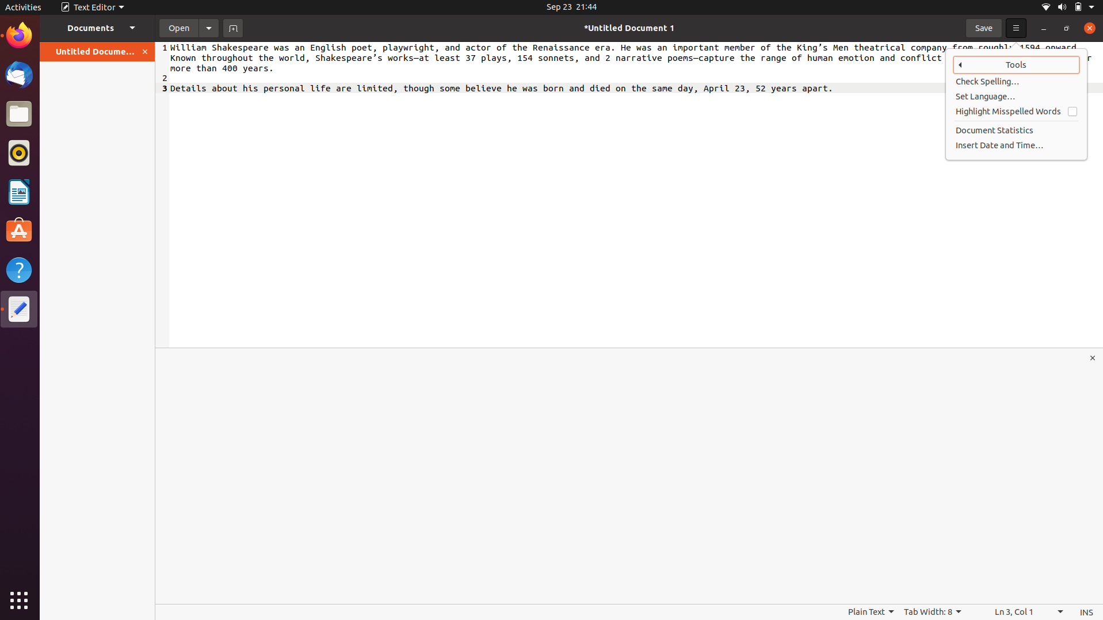 This screenshot has width=1103, height=620. Describe the element at coordinates (97, 27) in the screenshot. I see `and open the second file in the expanded documents panel` at that location.